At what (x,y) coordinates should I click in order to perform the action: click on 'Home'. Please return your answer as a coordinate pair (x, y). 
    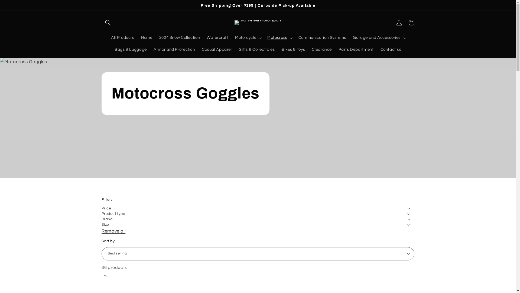
    Looking at the image, I should click on (138, 37).